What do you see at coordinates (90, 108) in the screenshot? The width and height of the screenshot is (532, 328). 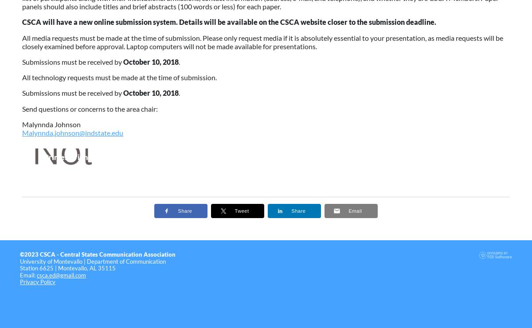 I see `'Send questions or concerns to the area chair:'` at bounding box center [90, 108].